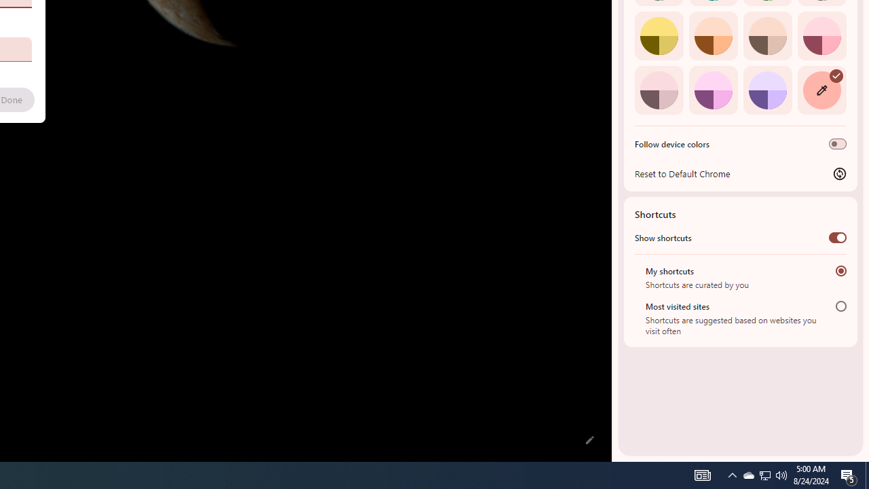 This screenshot has height=489, width=869. What do you see at coordinates (836, 75) in the screenshot?
I see `'AutomationID: svg'` at bounding box center [836, 75].